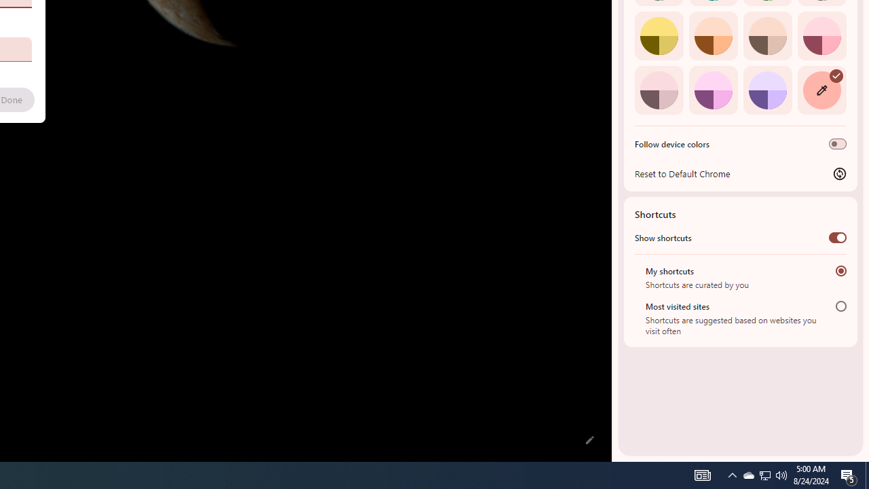 This screenshot has height=489, width=869. What do you see at coordinates (836, 75) in the screenshot?
I see `'AutomationID: svg'` at bounding box center [836, 75].